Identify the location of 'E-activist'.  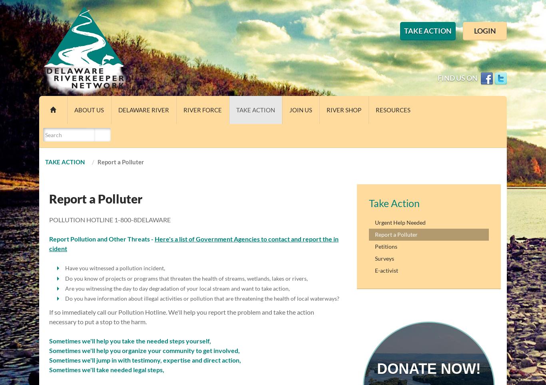
(386, 270).